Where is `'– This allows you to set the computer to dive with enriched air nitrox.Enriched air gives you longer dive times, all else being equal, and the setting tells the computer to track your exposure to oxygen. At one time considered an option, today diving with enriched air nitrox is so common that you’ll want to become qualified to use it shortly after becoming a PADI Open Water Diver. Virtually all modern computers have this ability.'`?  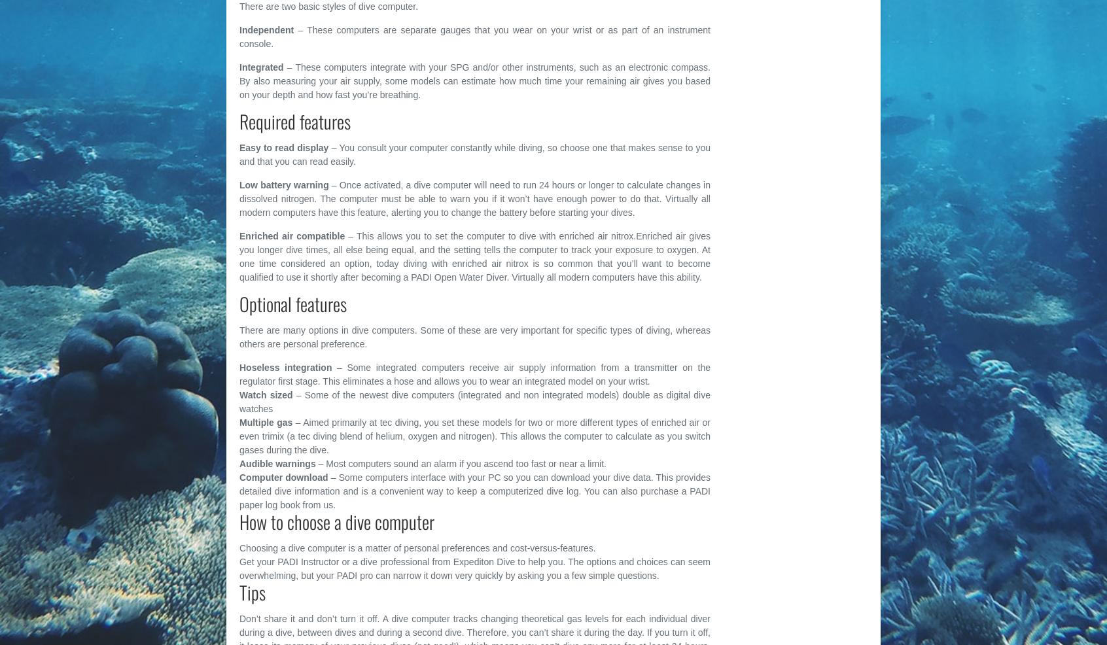 '– This allows you to set the computer to dive with enriched air nitrox.Enriched air gives you longer dive times, all else being equal, and the setting tells the computer to track your exposure to oxygen. At one time considered an option, today diving with enriched air nitrox is so common that you’ll want to become qualified to use it shortly after becoming a PADI Open Water Diver. Virtually all modern computers have this ability.' is located at coordinates (474, 256).